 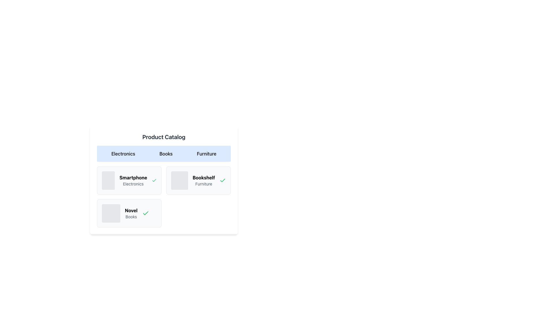 I want to click on the green checkmark icon located at the far-right edge of the 'Smartphone' card under the 'Electronics' category, so click(x=154, y=180).